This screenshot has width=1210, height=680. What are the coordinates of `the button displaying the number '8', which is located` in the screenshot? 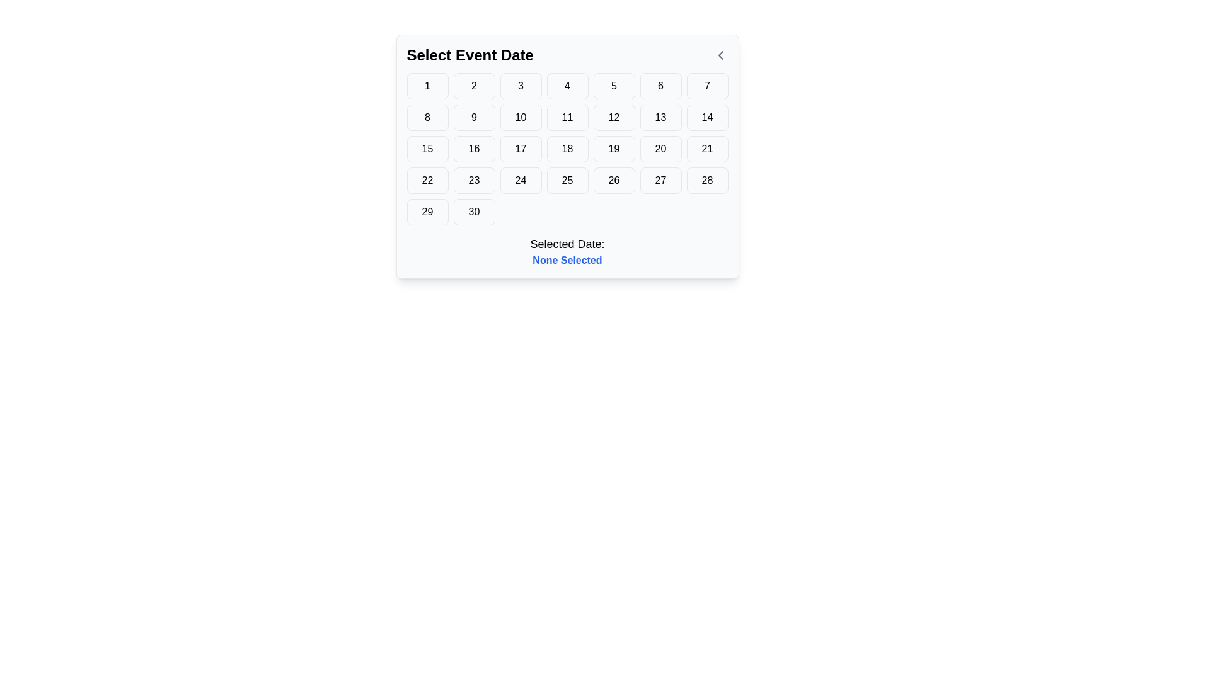 It's located at (427, 117).